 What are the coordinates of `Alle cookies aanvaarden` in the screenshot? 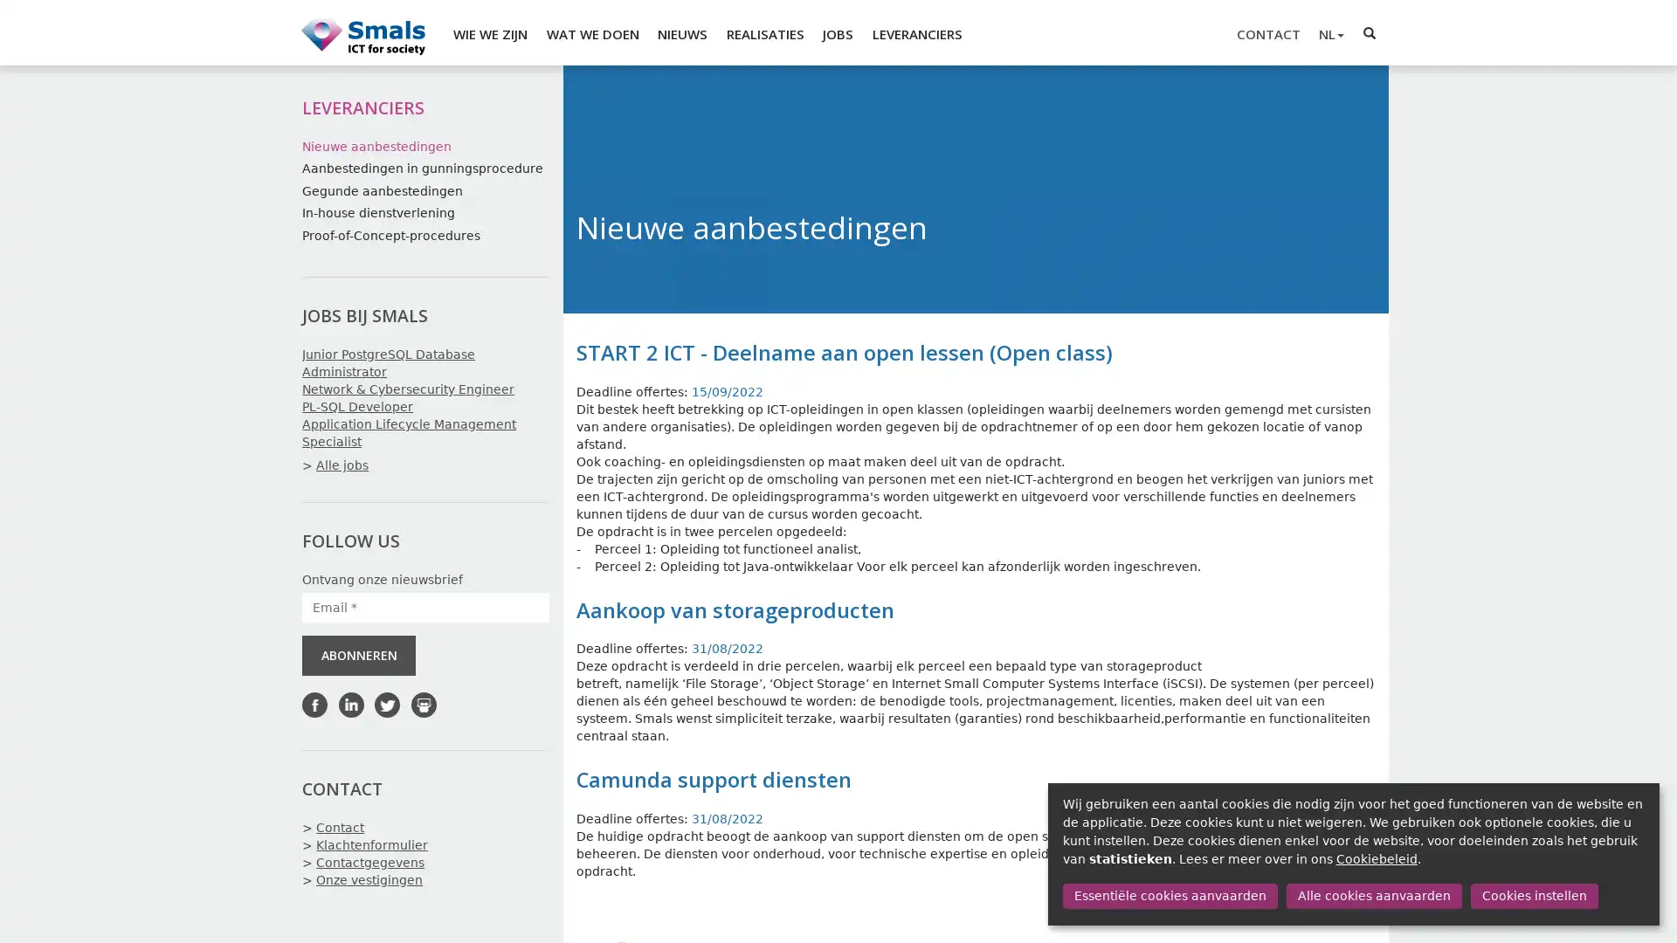 It's located at (1372, 896).